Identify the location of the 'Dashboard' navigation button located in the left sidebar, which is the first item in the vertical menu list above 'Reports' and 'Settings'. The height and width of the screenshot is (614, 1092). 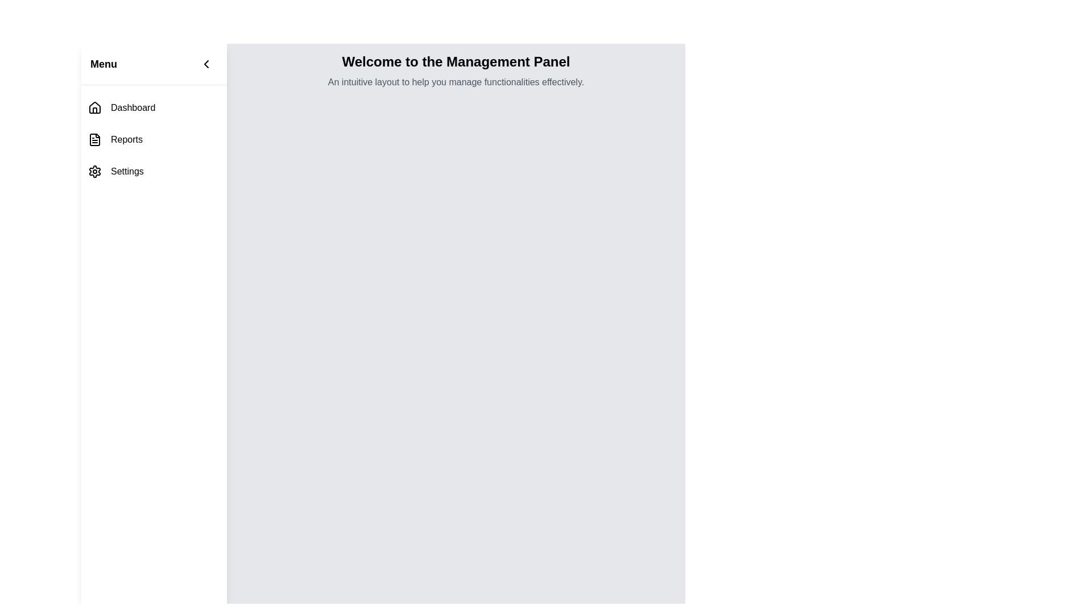
(153, 107).